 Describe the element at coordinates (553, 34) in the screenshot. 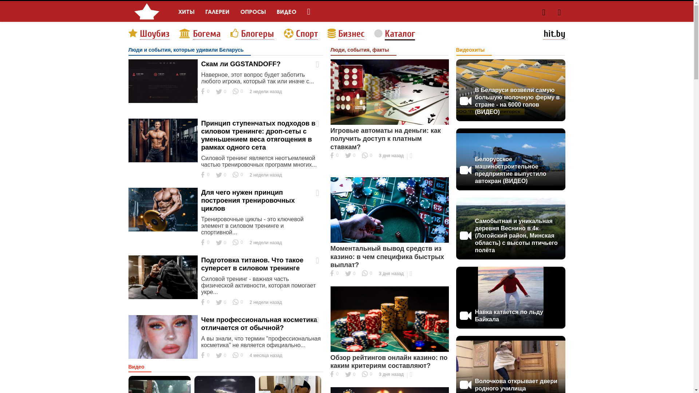

I see `'hit.by'` at that location.